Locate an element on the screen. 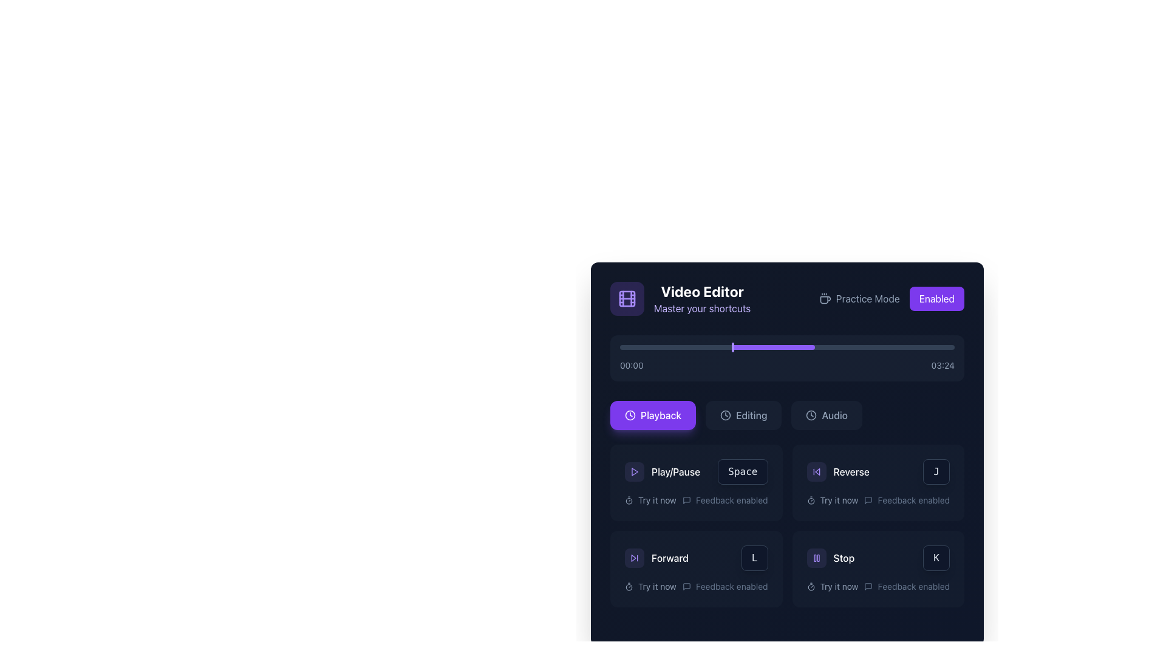 Image resolution: width=1166 pixels, height=656 pixels. the static text label displaying 'Feedback enabled', which is styled in light, slate-gray color and located in the bottom right of a tile within the main content area, right next to a chat bubble icon is located at coordinates (913, 586).